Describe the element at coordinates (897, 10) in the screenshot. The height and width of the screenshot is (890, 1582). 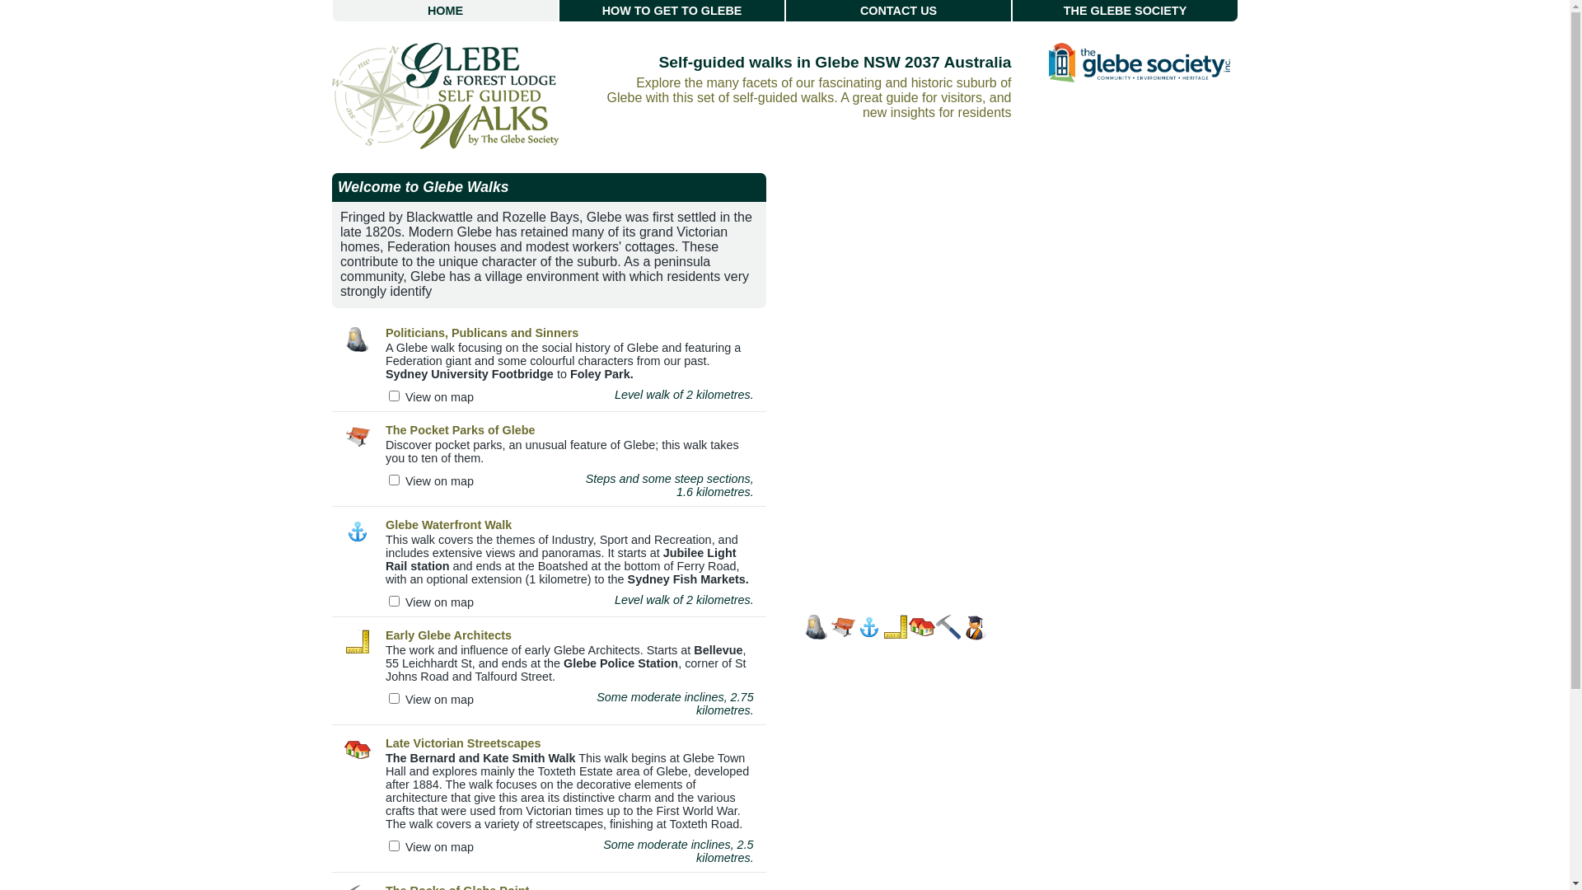
I see `'CONTACT US'` at that location.